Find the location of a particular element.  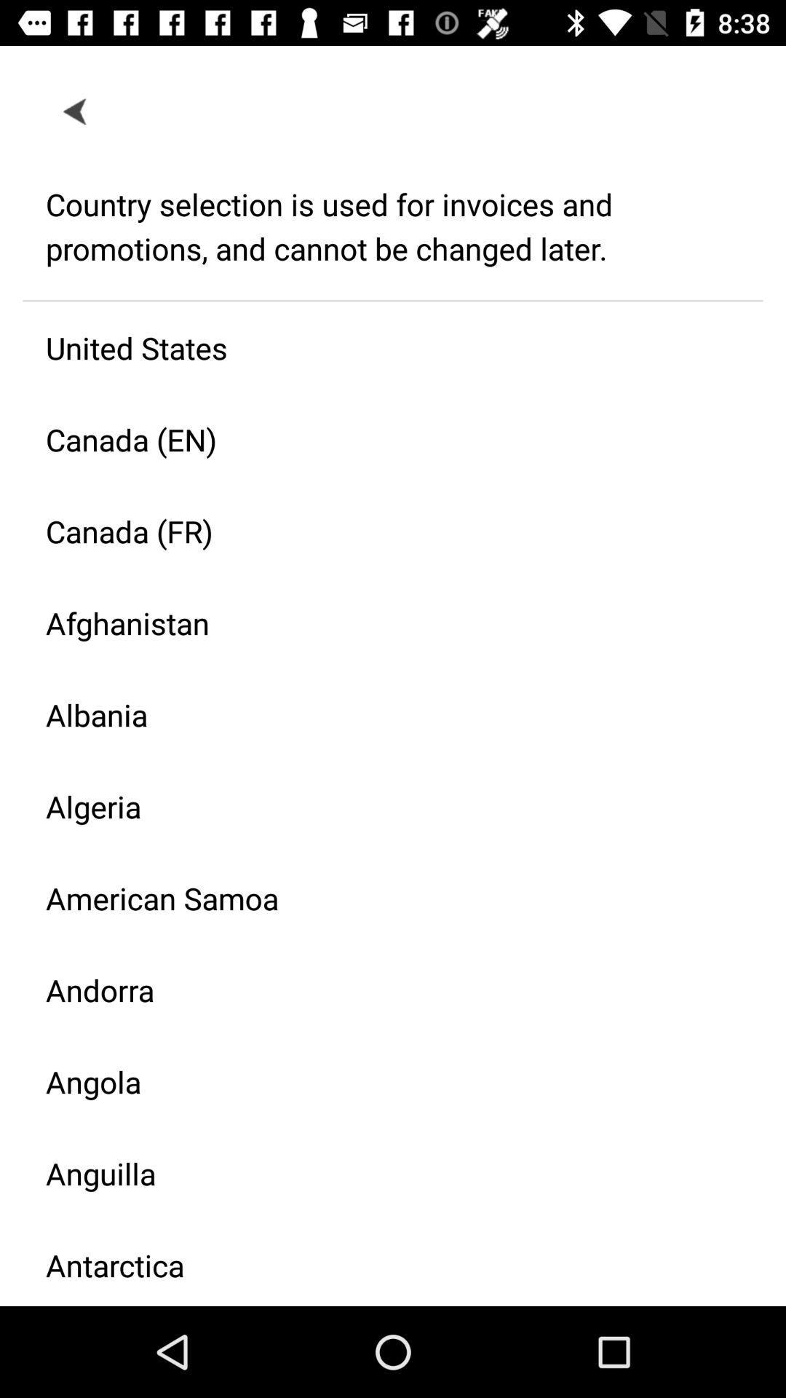

item above afghanistan icon is located at coordinates (381, 530).